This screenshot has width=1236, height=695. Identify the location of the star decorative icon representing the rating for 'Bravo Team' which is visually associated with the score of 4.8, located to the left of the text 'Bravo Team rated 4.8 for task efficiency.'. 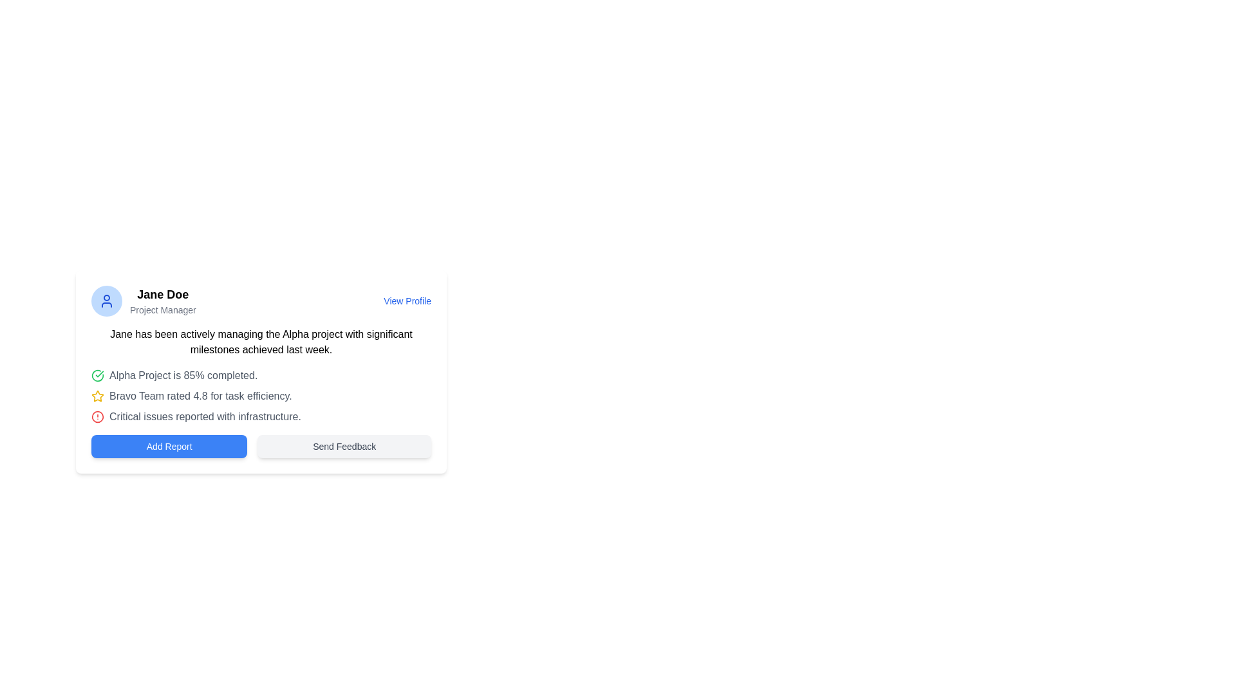
(97, 396).